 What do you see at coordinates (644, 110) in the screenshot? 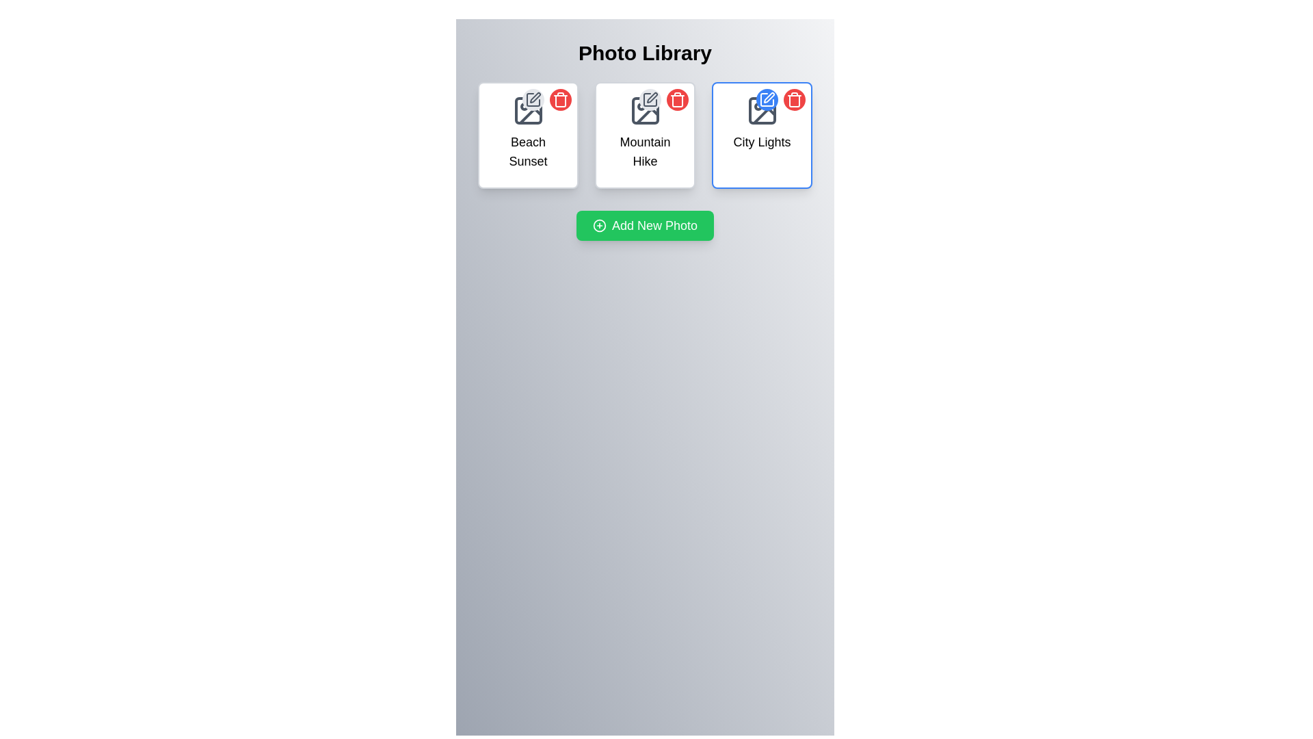
I see `the rectangular frame with rounded corners that is part of the 'Photo Library' layout, positioned above the text 'Mountain Hike'` at bounding box center [644, 110].